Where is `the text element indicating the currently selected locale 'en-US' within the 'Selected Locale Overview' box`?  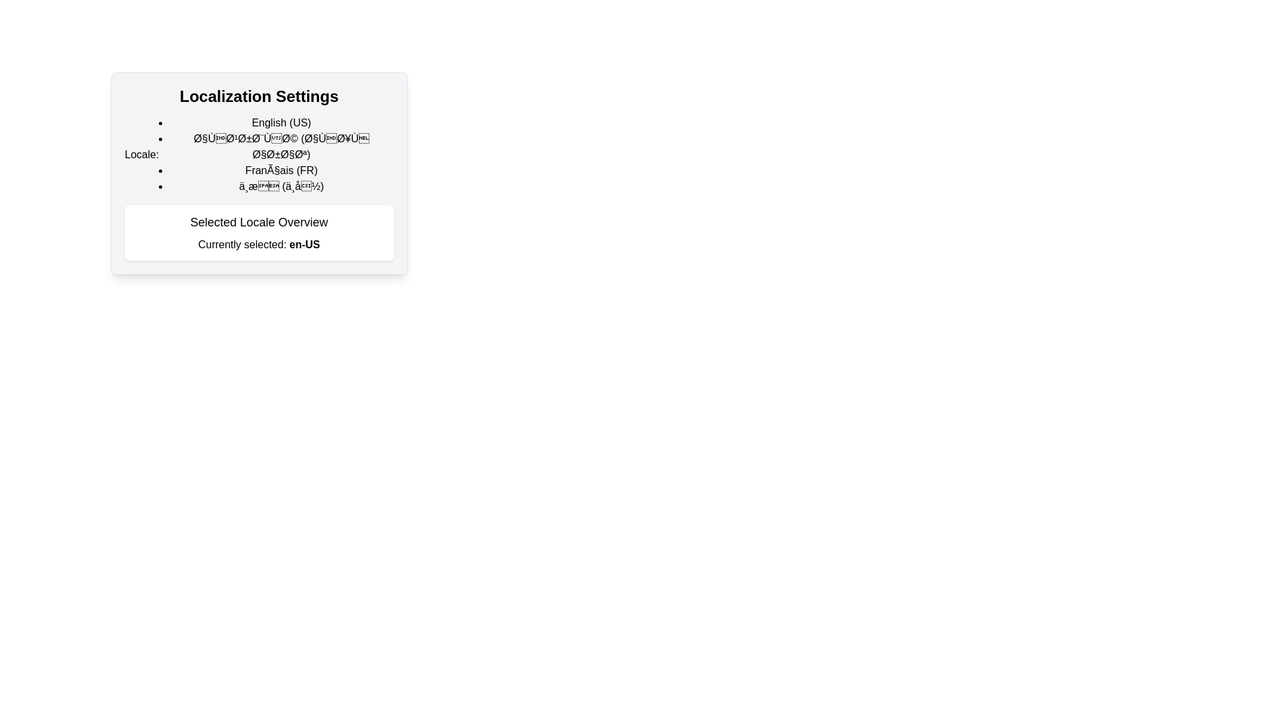
the text element indicating the currently selected locale 'en-US' within the 'Selected Locale Overview' box is located at coordinates (304, 244).